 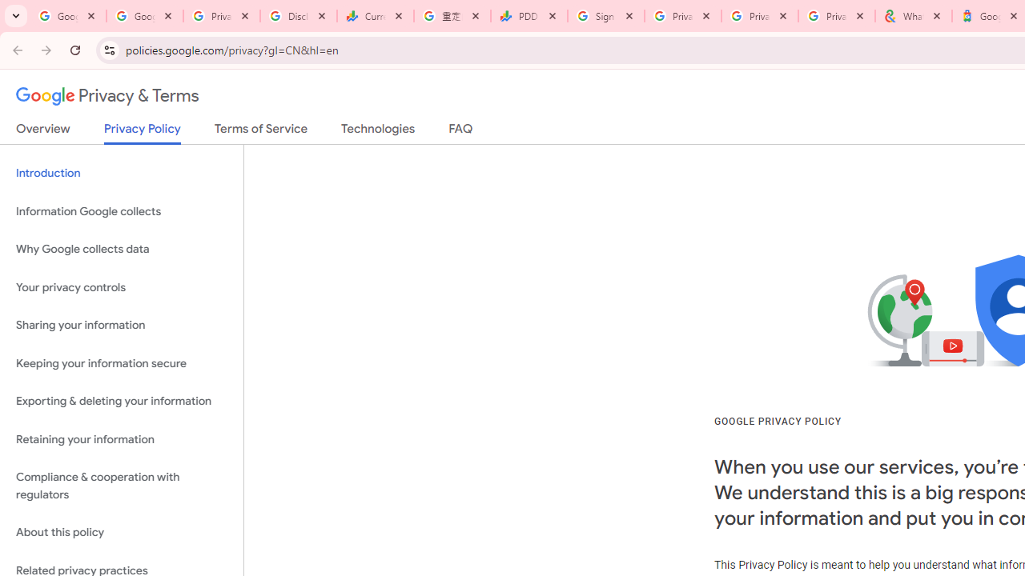 What do you see at coordinates (759, 16) in the screenshot?
I see `'Privacy Checkup'` at bounding box center [759, 16].